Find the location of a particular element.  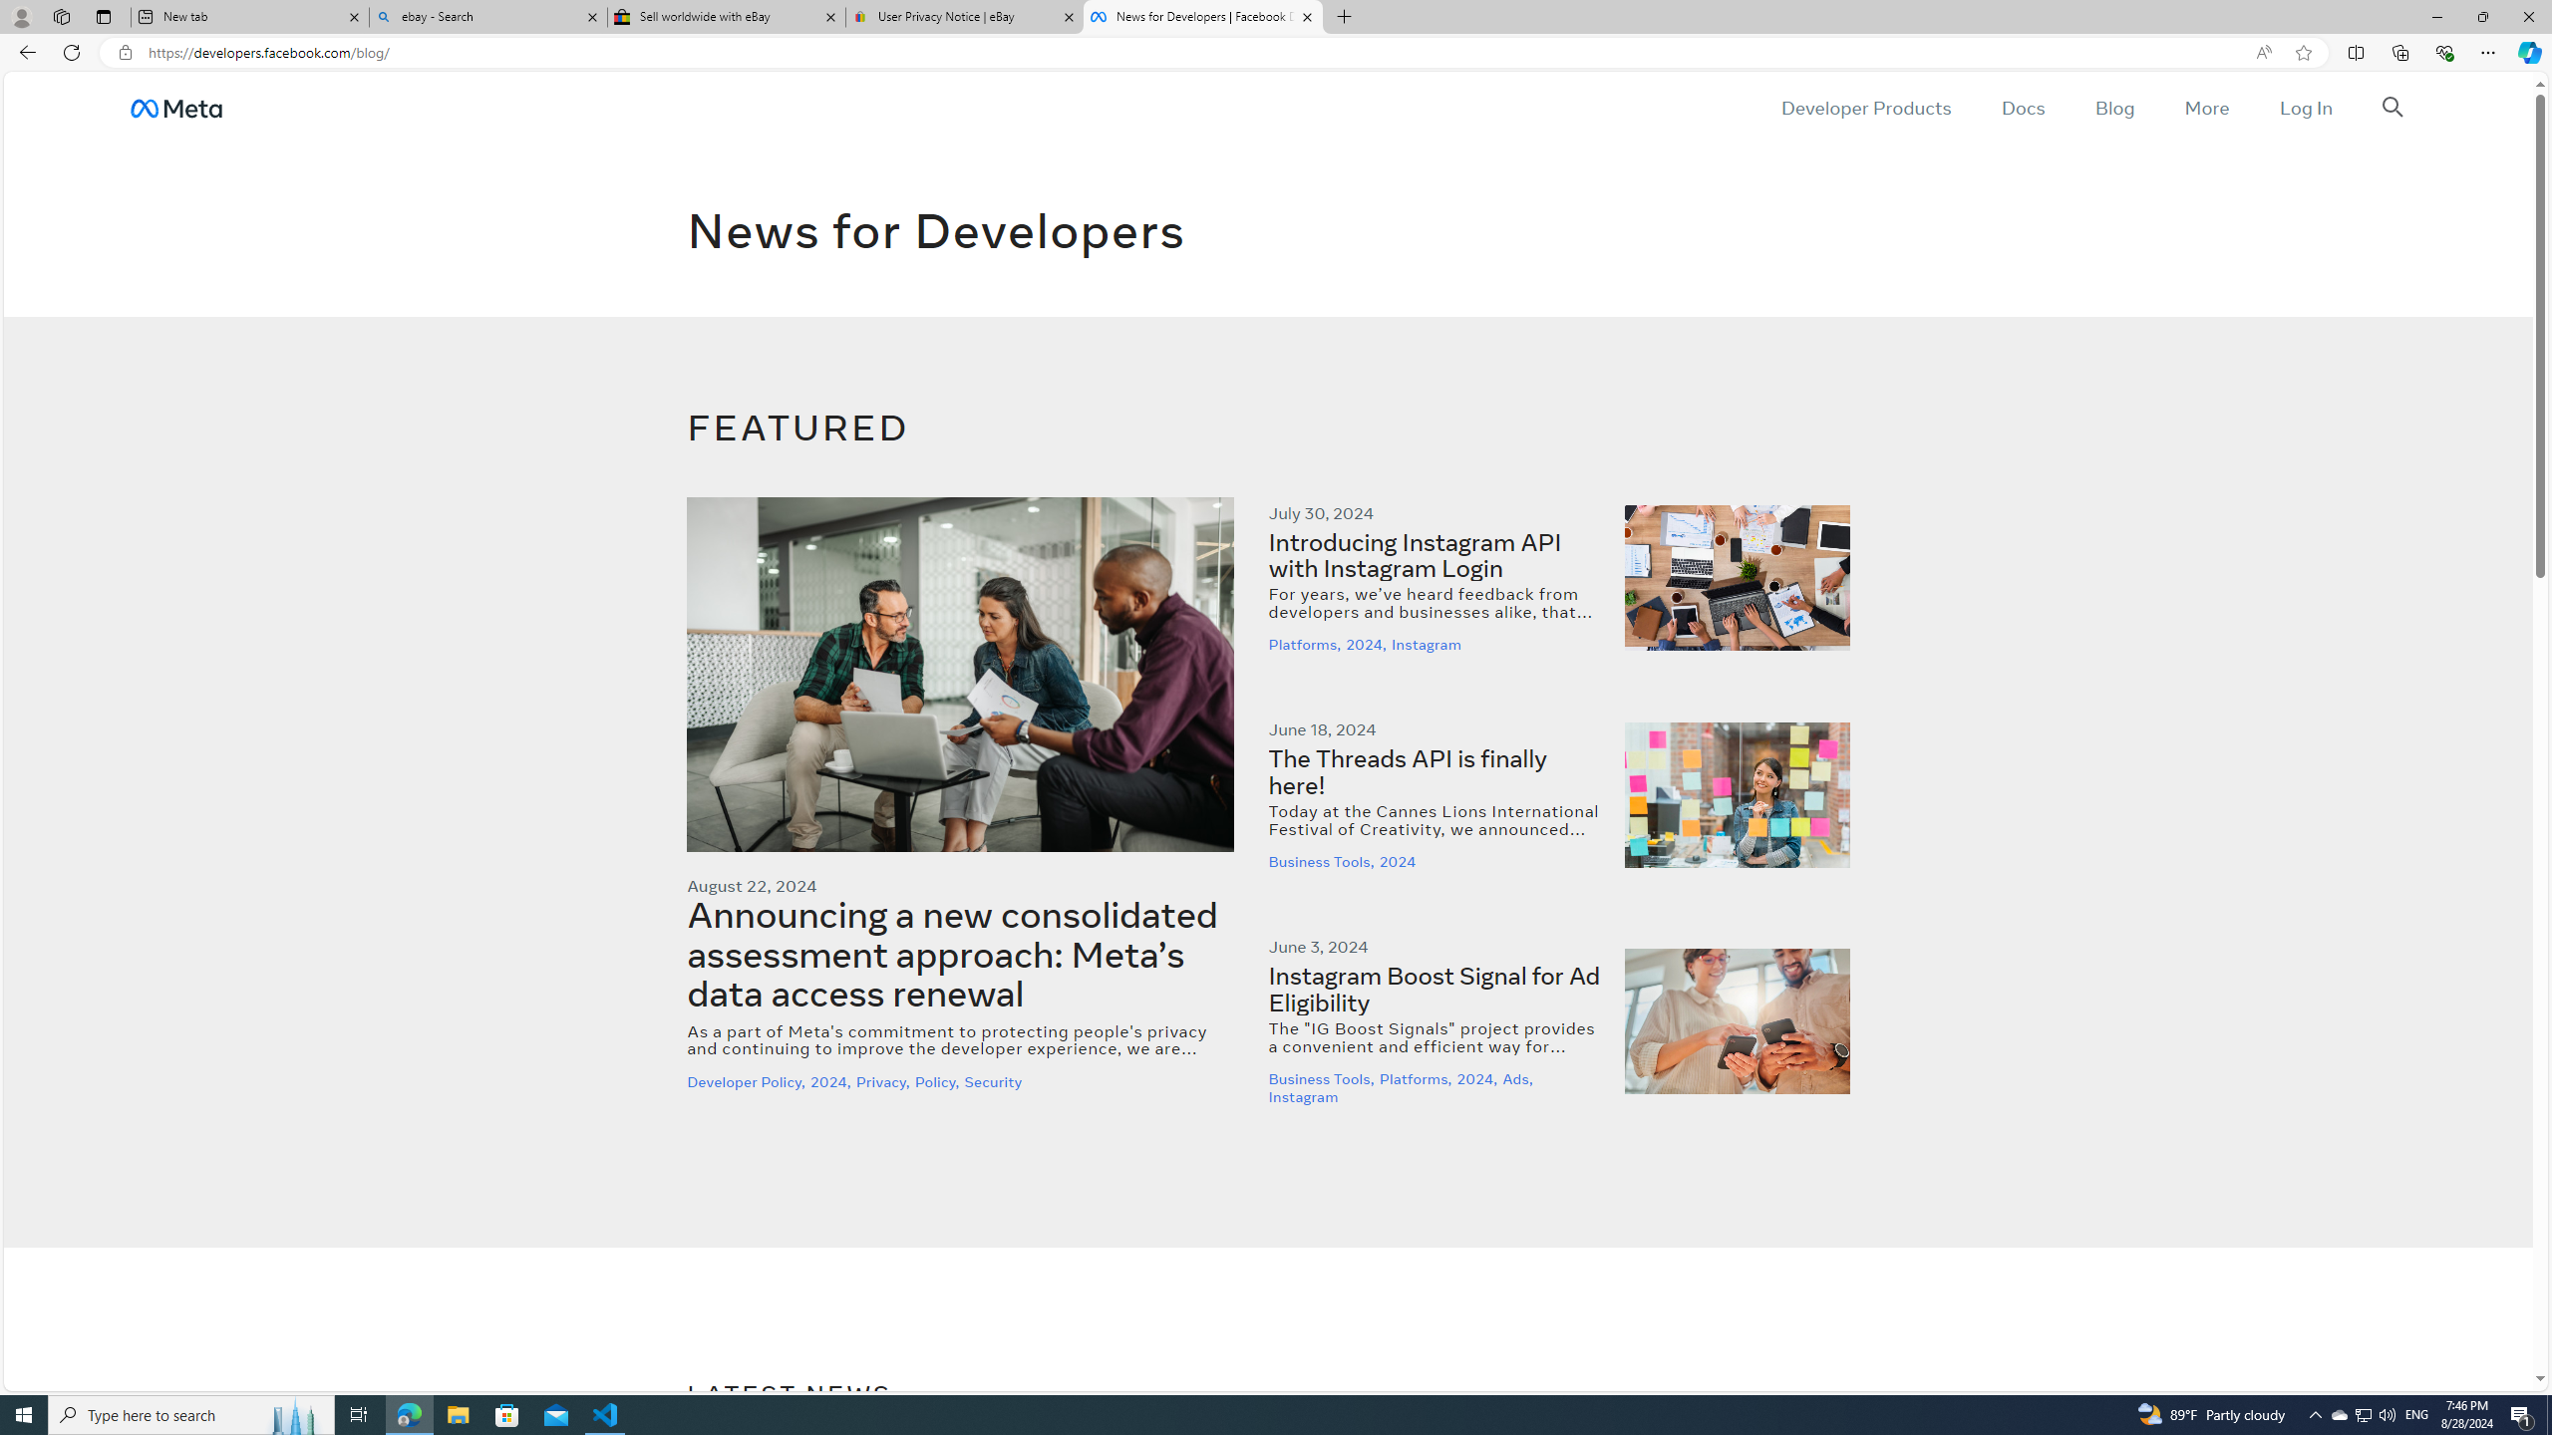

'More' is located at coordinates (2206, 107).